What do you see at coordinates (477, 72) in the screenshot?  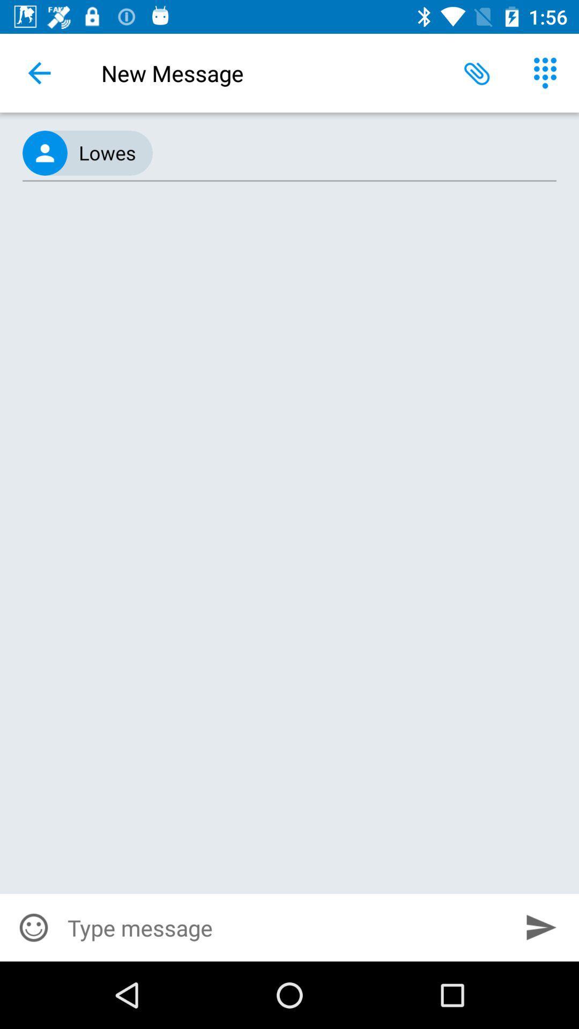 I see `icon above (415) 486-8611,  item` at bounding box center [477, 72].